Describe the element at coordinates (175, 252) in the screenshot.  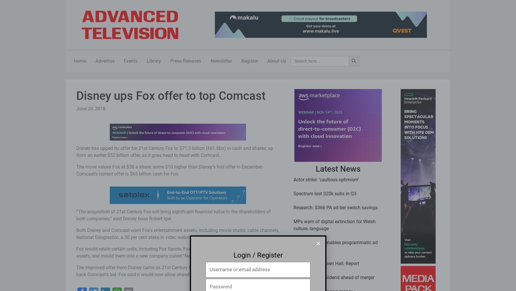
I see `'Fox would retain certain units, including Fox Sports, Fox News, Fox Television Stations and other assets, and mould them into a new company called “New Fox”.'` at that location.